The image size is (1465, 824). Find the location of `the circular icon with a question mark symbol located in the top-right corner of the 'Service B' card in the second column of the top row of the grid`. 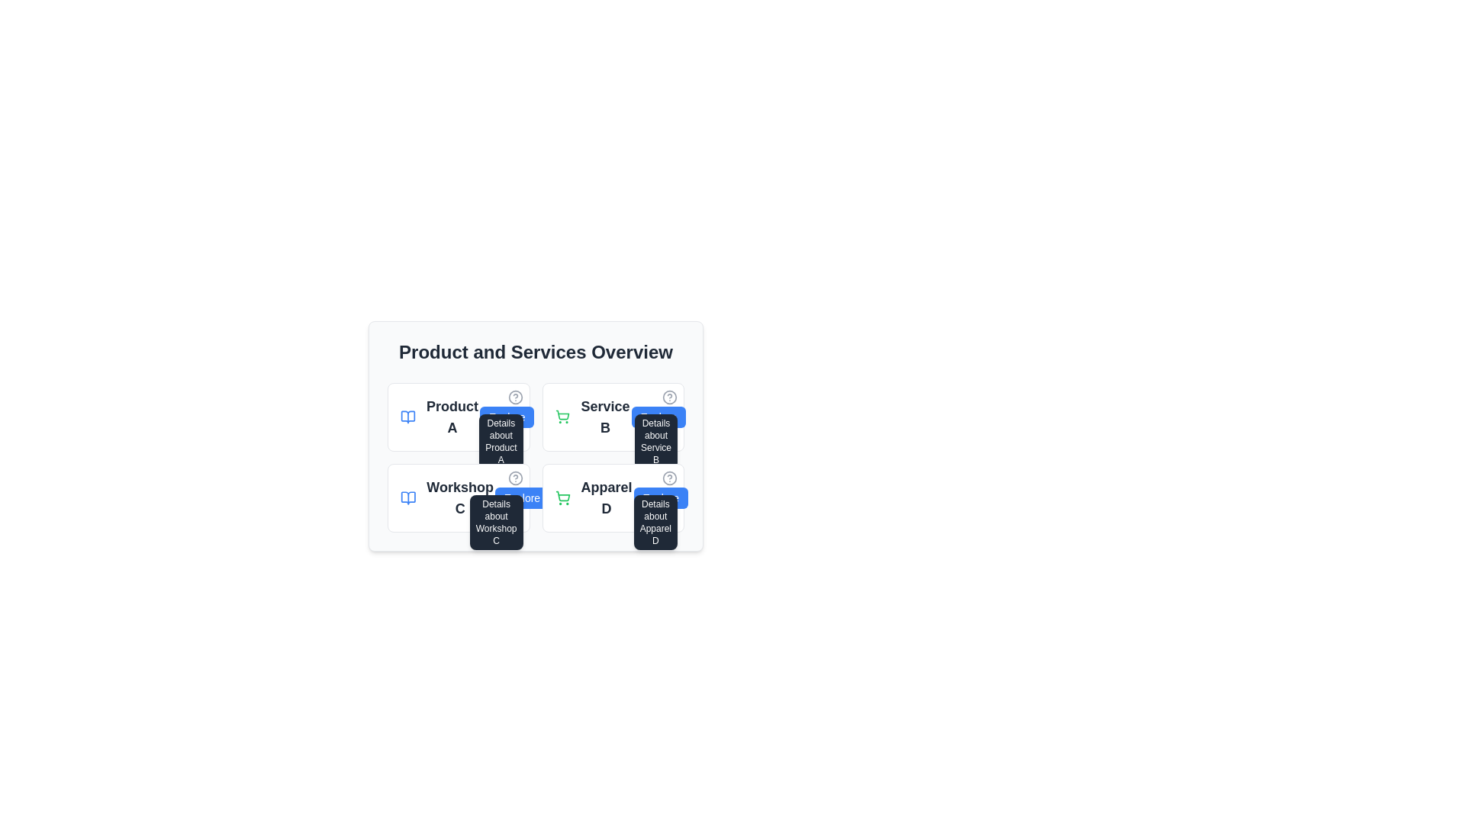

the circular icon with a question mark symbol located in the top-right corner of the 'Service B' card in the second column of the top row of the grid is located at coordinates (670, 396).